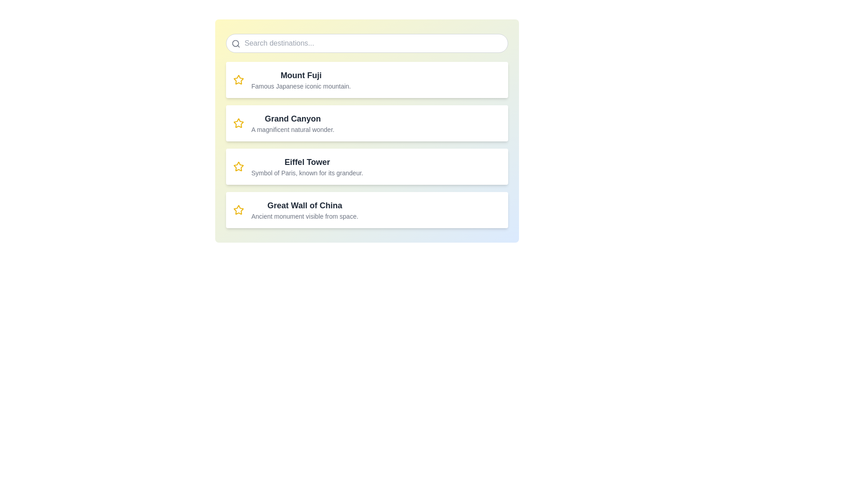  I want to click on the star icon located to the left of the title text for 'Grand Canyon', which serves as an interactive component for indicating a favorite item, so click(239, 123).